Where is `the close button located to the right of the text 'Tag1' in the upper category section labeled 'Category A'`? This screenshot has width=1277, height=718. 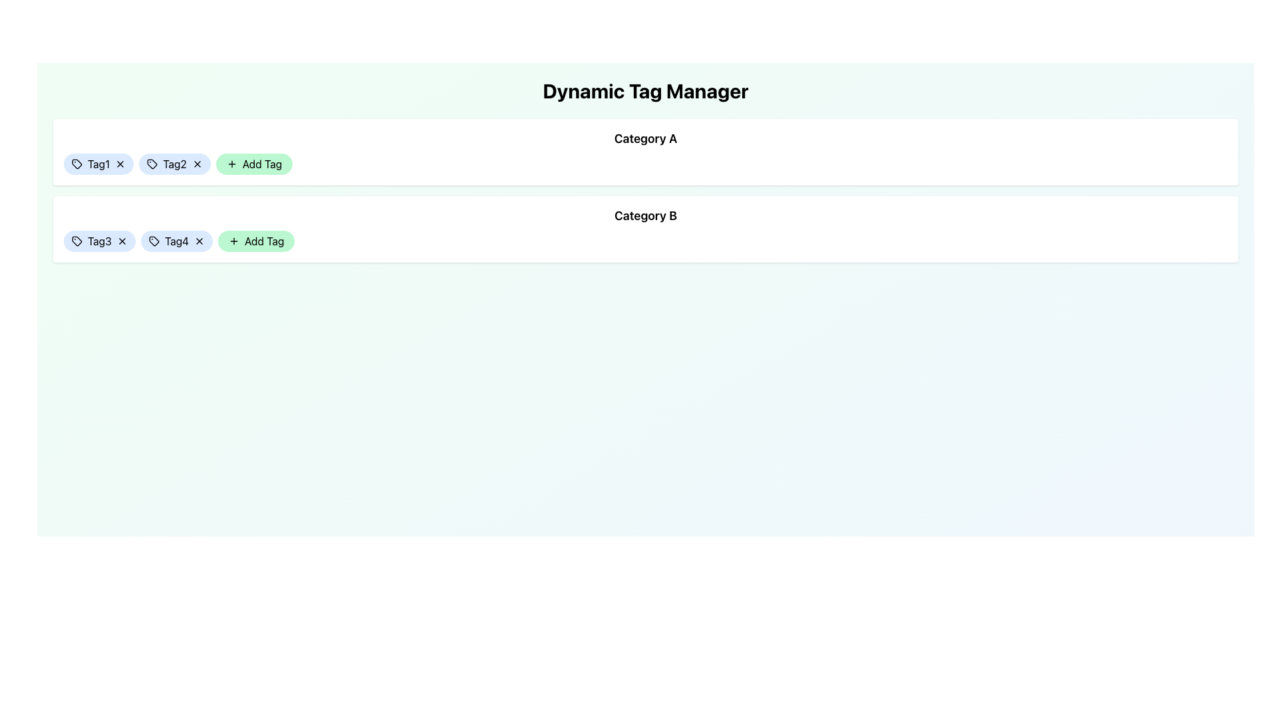 the close button located to the right of the text 'Tag1' in the upper category section labeled 'Category A' is located at coordinates (120, 163).